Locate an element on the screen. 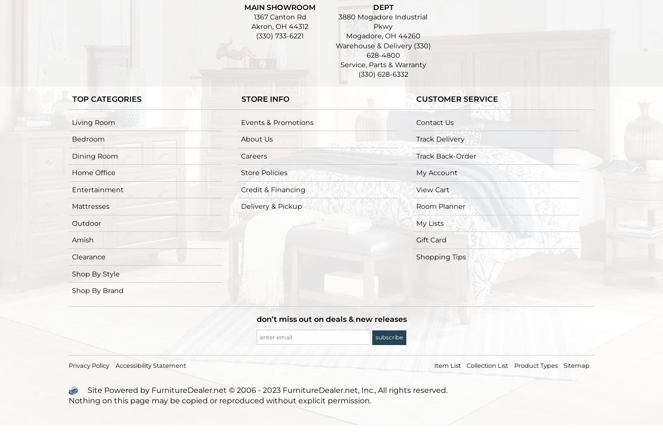  'Accessibility Statement' is located at coordinates (150, 365).